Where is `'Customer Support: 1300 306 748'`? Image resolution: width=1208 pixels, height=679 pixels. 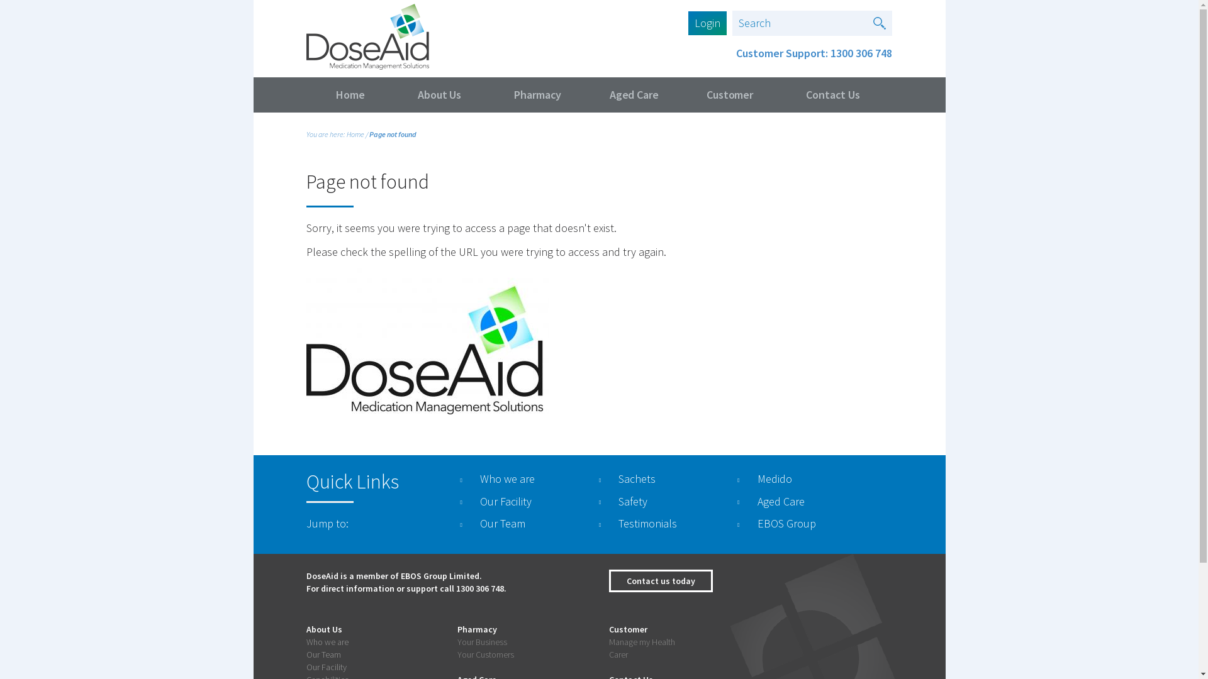
'Customer Support: 1300 306 748' is located at coordinates (814, 52).